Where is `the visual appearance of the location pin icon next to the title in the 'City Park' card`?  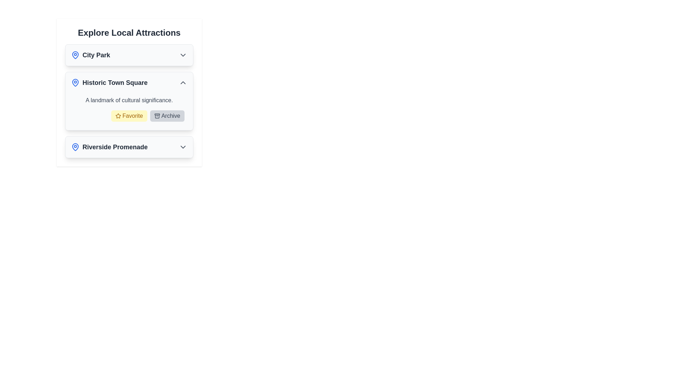
the visual appearance of the location pin icon next to the title in the 'City Park' card is located at coordinates (75, 146).